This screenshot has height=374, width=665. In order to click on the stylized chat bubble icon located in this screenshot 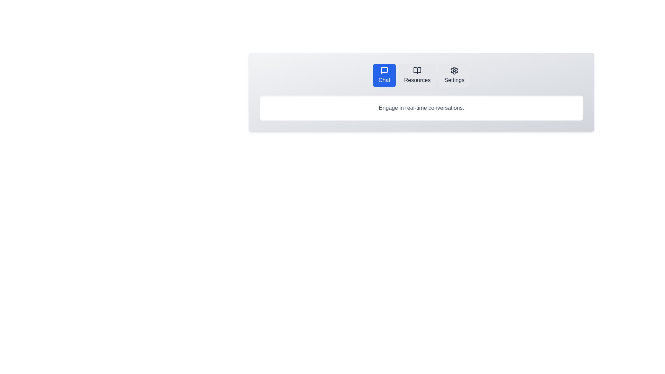, I will do `click(384, 71)`.